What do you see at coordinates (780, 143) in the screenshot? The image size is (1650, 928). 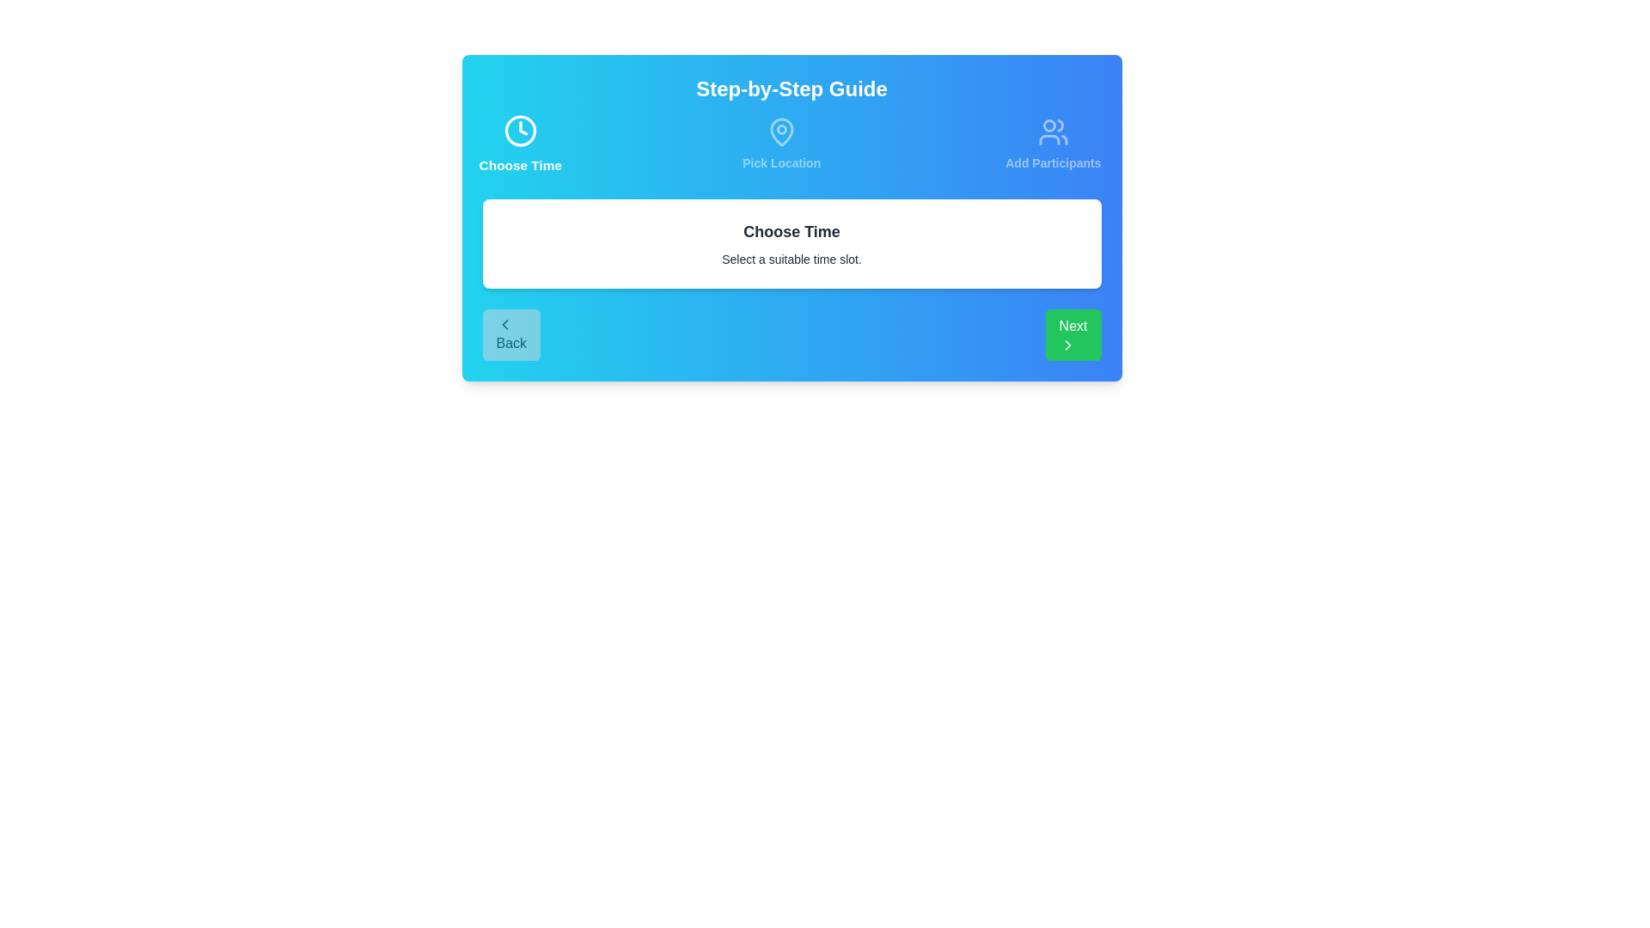 I see `the step title Pick Location to view its details` at bounding box center [780, 143].